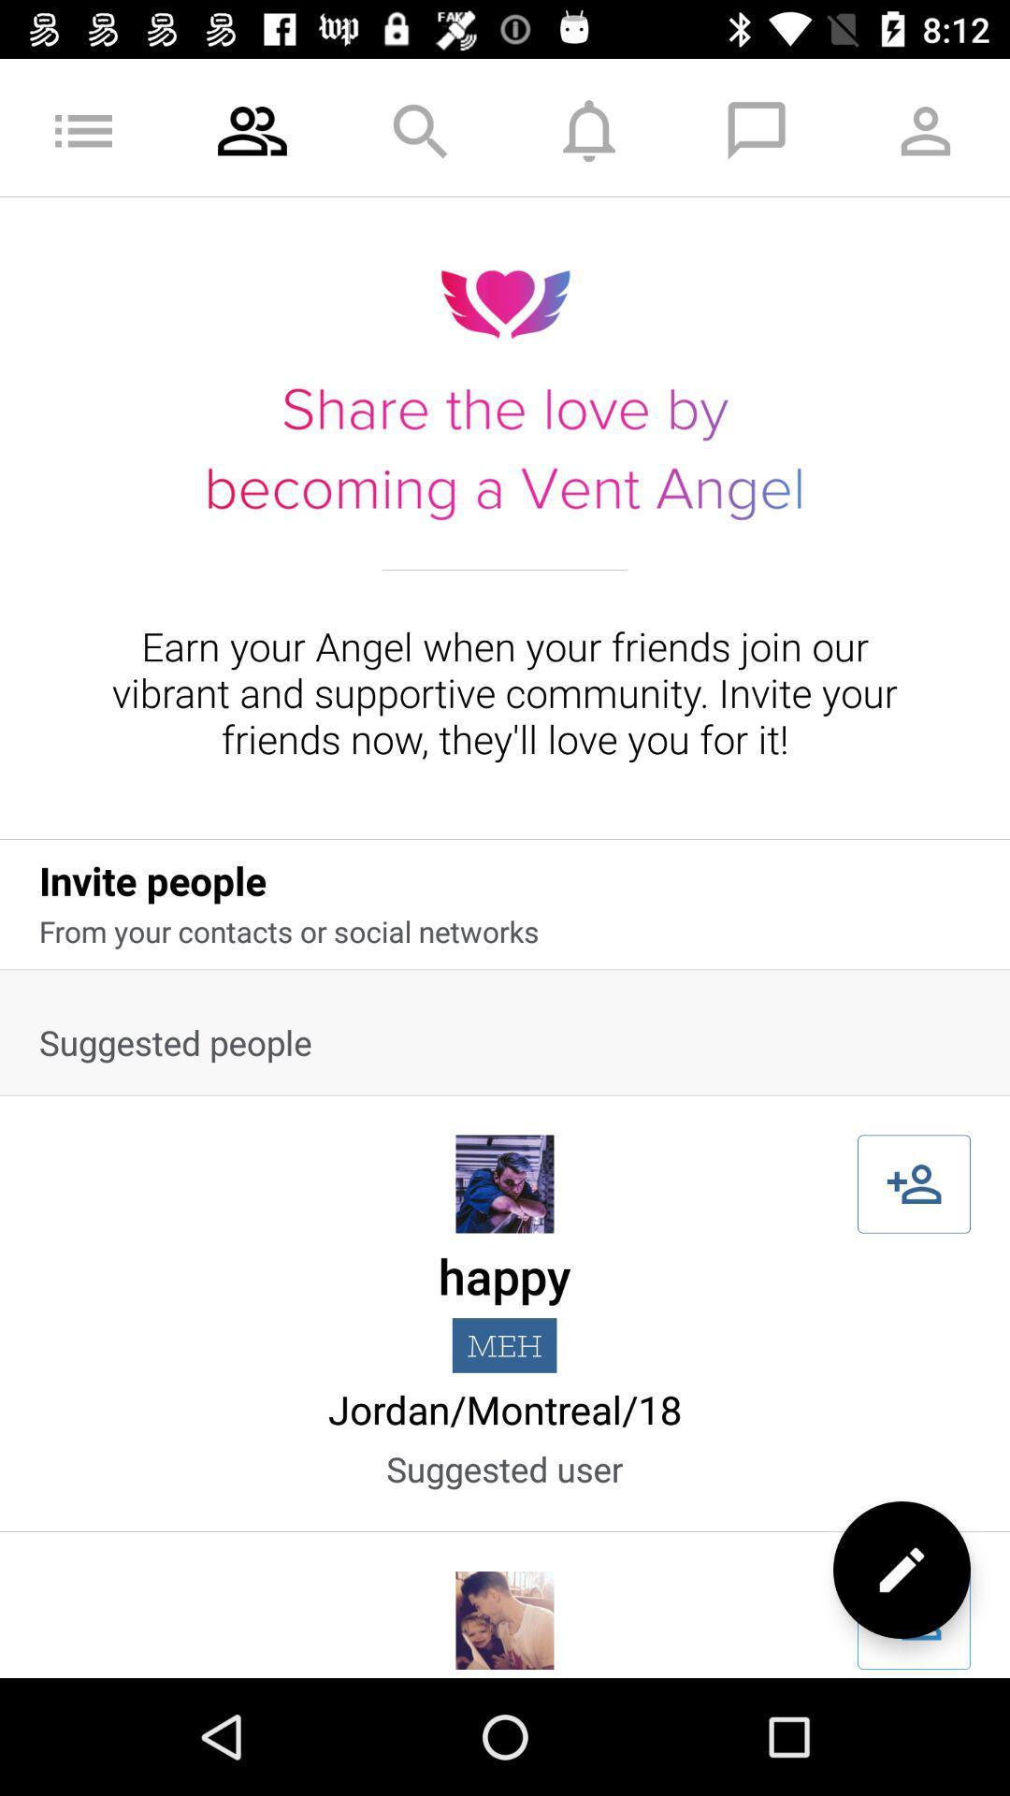  I want to click on person, so click(913, 1183).